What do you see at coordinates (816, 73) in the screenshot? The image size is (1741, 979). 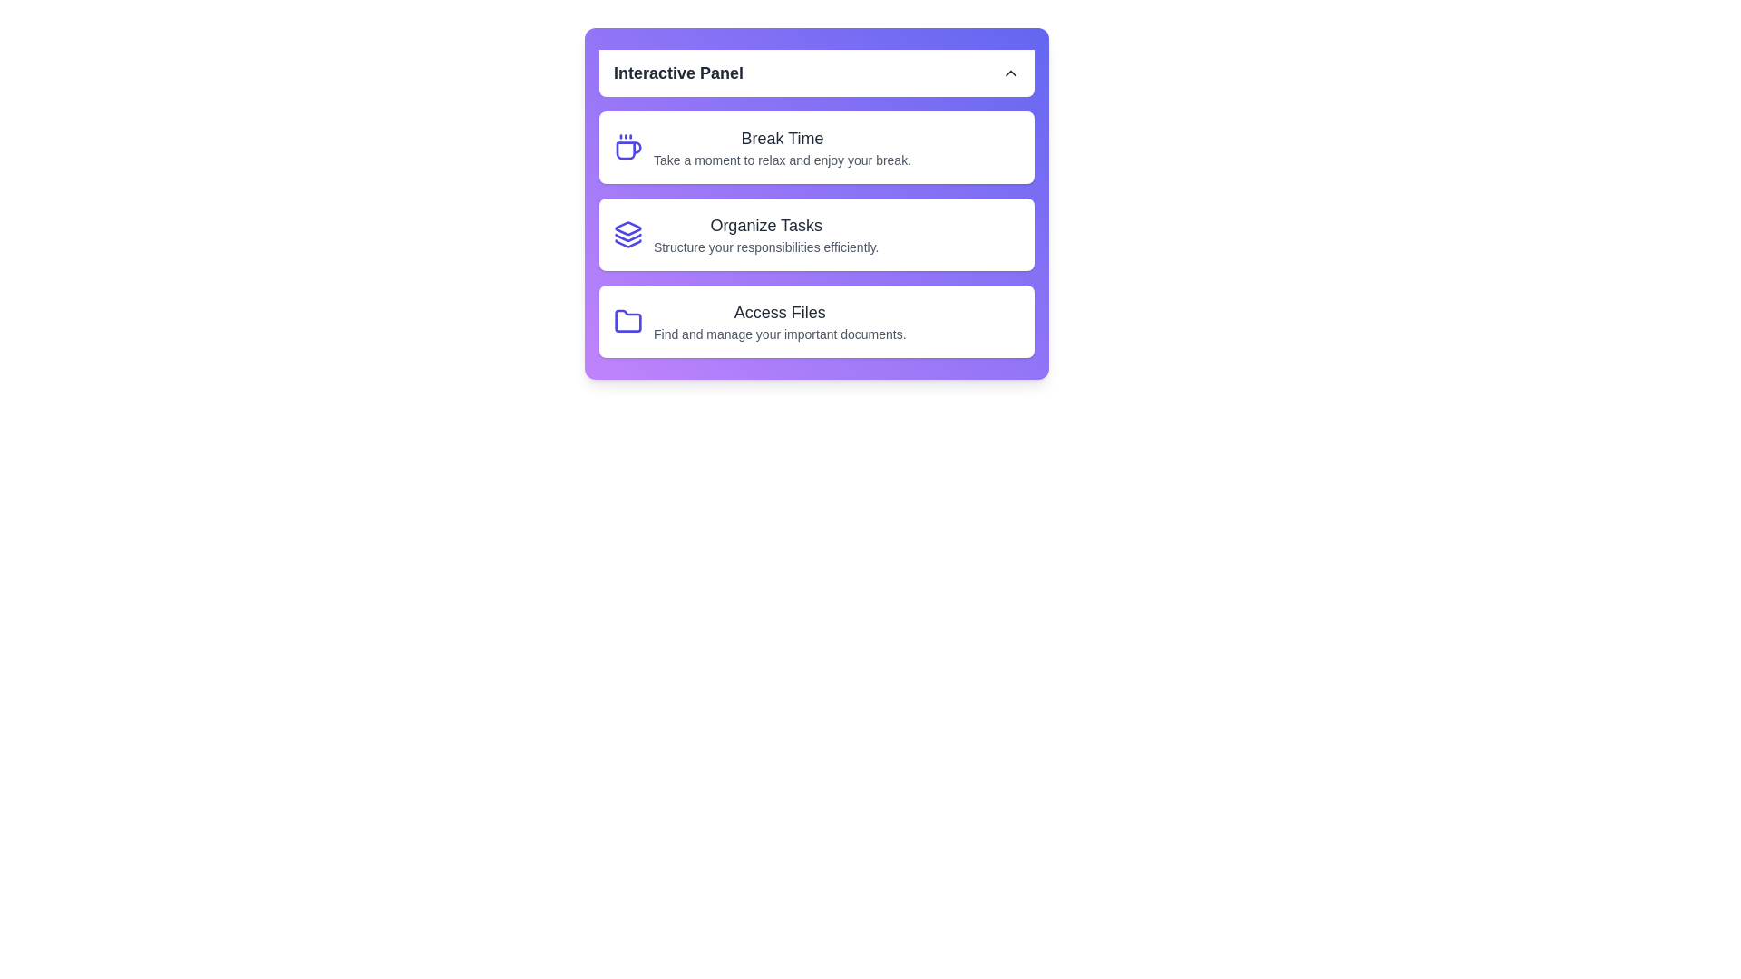 I see `the header button to toggle the panel visibility` at bounding box center [816, 73].